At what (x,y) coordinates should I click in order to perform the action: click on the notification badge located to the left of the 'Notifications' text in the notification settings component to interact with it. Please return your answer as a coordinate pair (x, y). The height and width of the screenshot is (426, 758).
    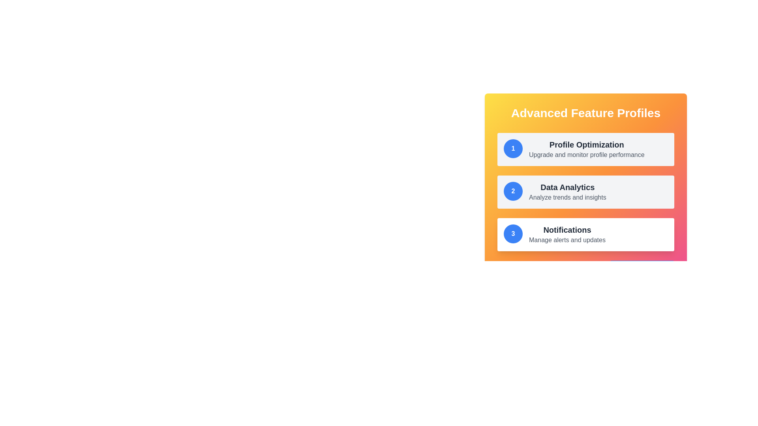
    Looking at the image, I should click on (513, 234).